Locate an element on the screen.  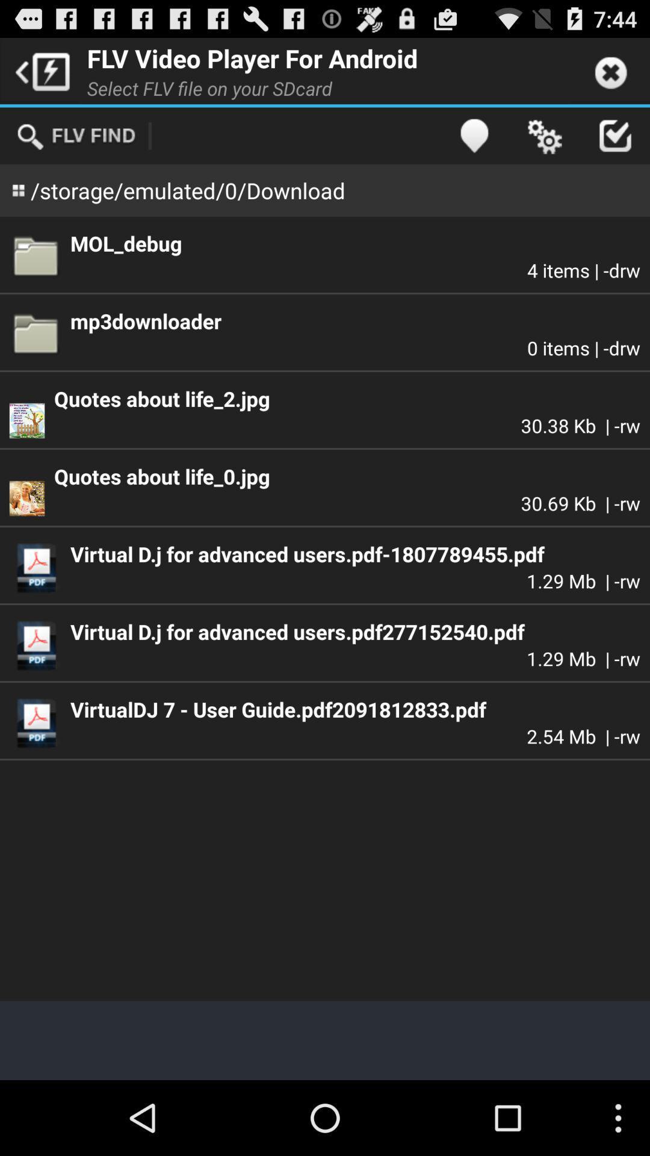
the mp3downloader item is located at coordinates (354, 321).